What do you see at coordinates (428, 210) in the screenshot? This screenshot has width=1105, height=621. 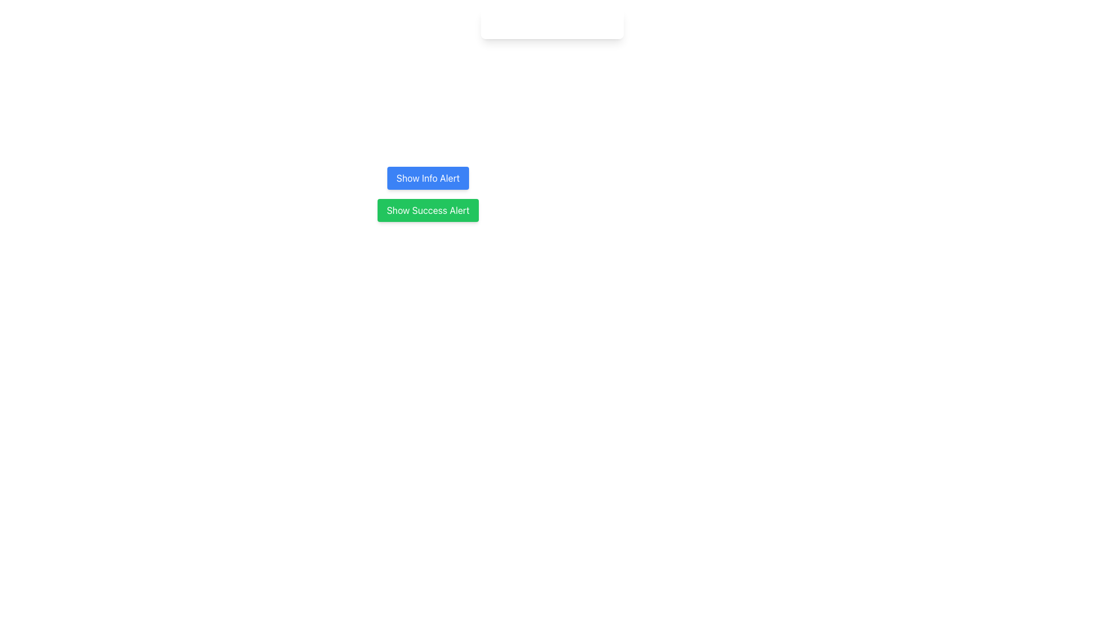 I see `the success alert button located below the 'Show Info Alert' button` at bounding box center [428, 210].